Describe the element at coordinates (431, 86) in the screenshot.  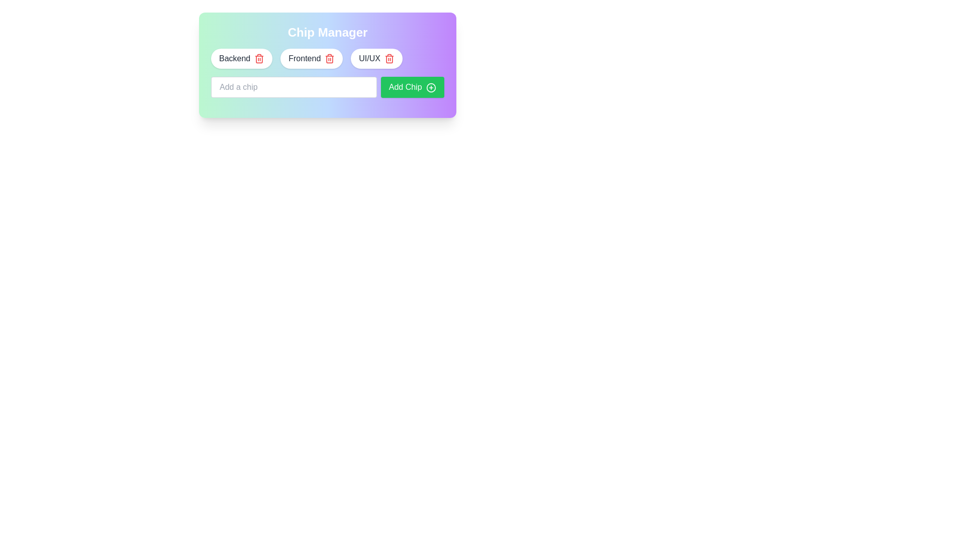
I see `the icon button located at the far-right side of the 'Add Chip' button in the bottom-right corner of the chip management section` at that location.